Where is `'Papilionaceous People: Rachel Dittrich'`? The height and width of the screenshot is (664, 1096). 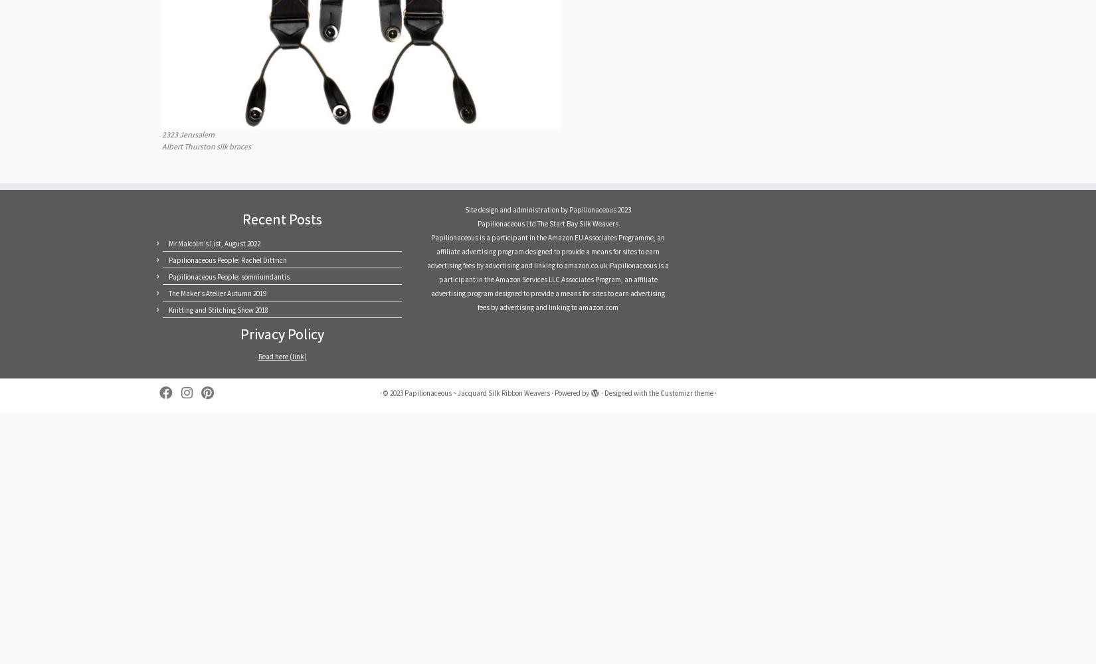 'Papilionaceous People: Rachel Dittrich' is located at coordinates (228, 260).